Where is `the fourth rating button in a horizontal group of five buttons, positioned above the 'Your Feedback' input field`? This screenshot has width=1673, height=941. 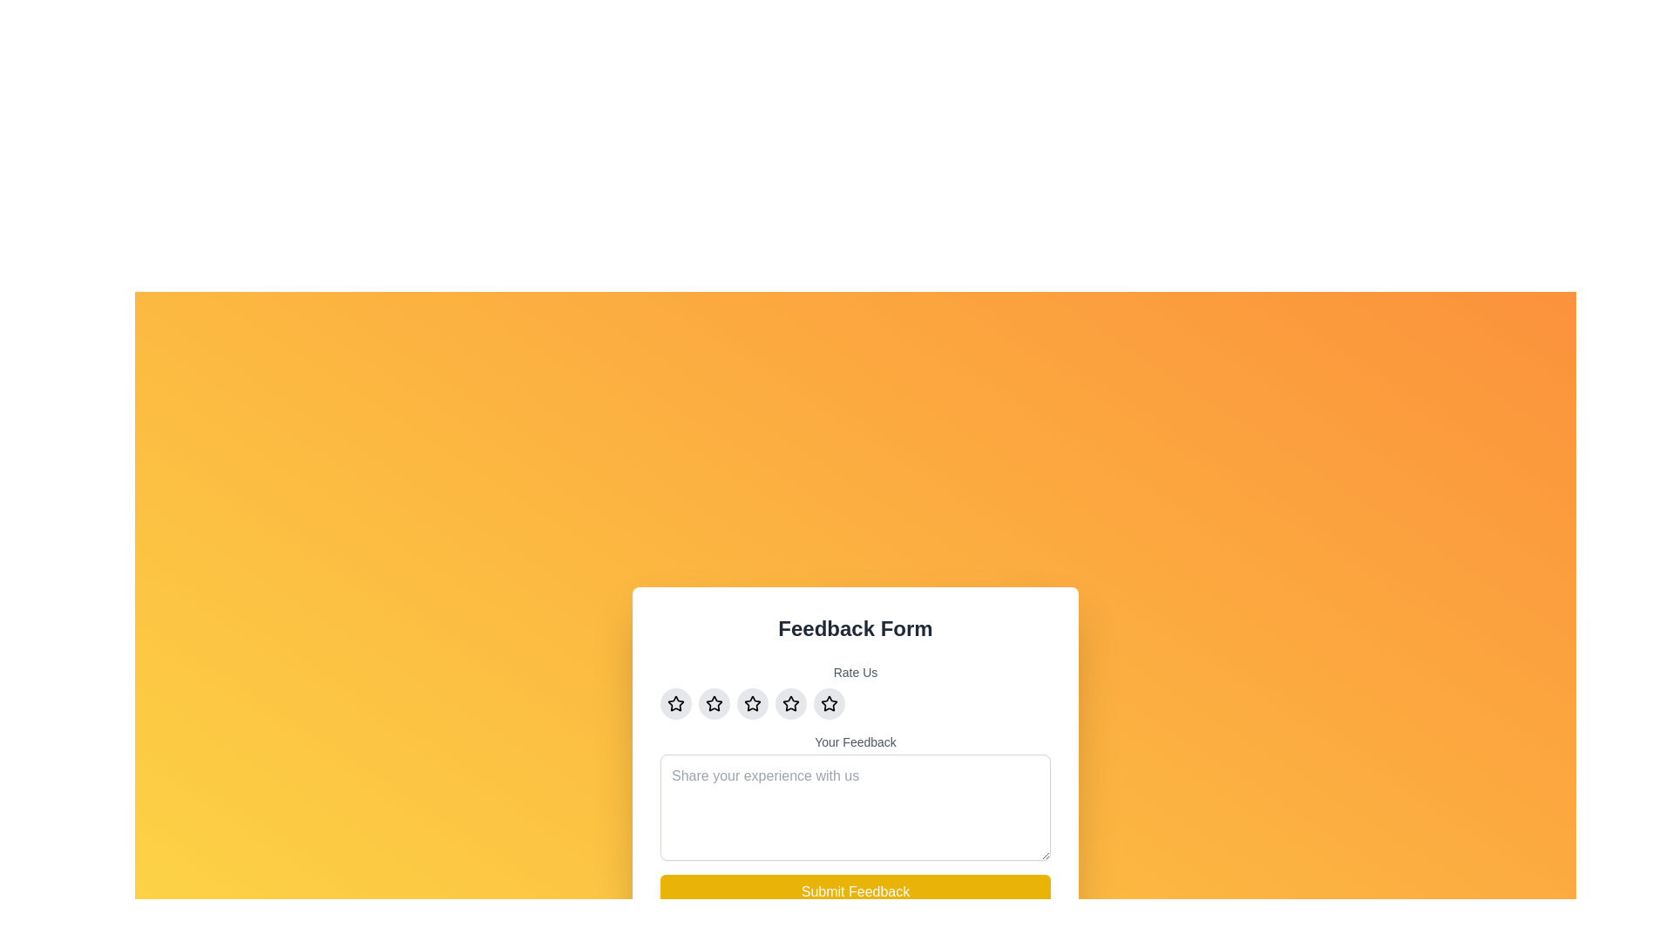
the fourth rating button in a horizontal group of five buttons, positioned above the 'Your Feedback' input field is located at coordinates (789, 702).